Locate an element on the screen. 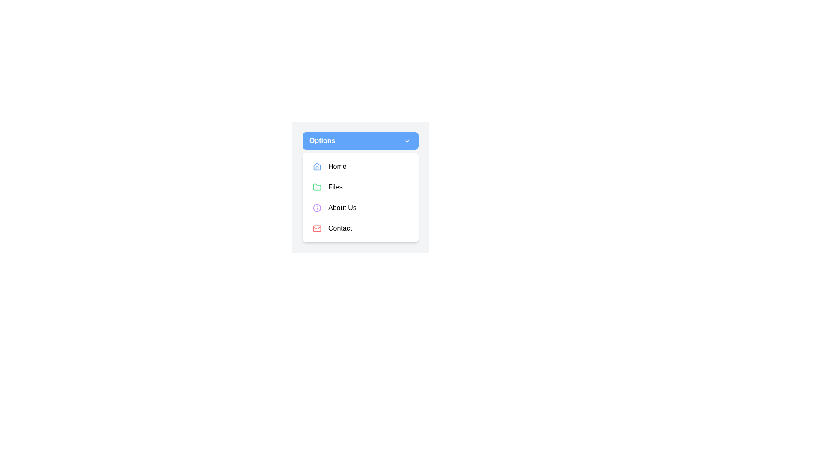 The height and width of the screenshot is (464, 825). the circular purple icon with a hollow center and an information symbol inside, located to the left of the 'About Us' menu item in the dropdown list under 'Options' is located at coordinates (317, 208).